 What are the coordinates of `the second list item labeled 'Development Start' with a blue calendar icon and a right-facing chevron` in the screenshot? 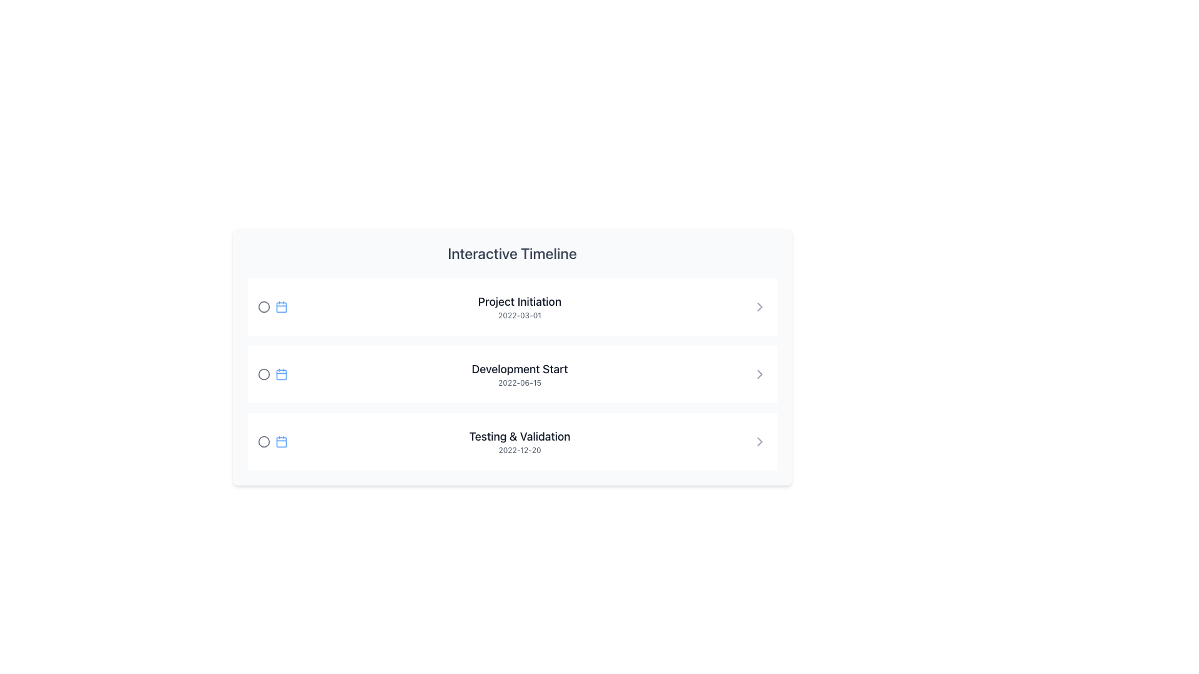 It's located at (512, 374).